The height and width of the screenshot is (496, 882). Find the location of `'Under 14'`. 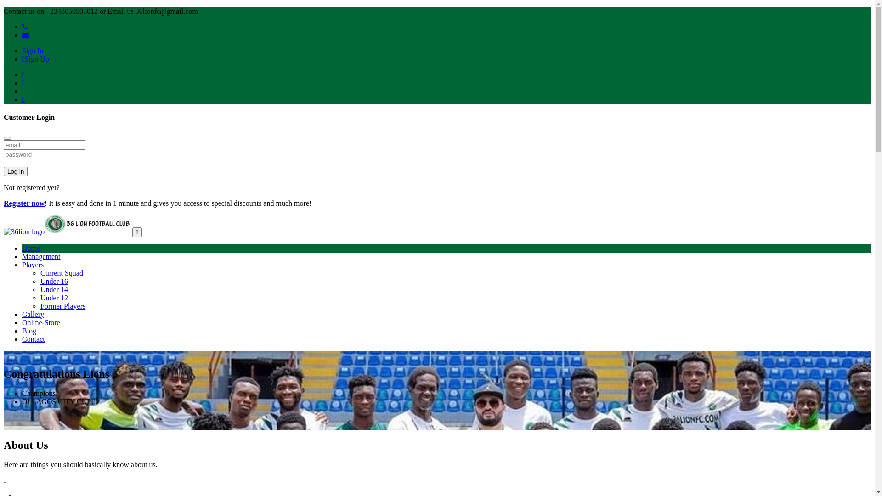

'Under 14' is located at coordinates (54, 289).